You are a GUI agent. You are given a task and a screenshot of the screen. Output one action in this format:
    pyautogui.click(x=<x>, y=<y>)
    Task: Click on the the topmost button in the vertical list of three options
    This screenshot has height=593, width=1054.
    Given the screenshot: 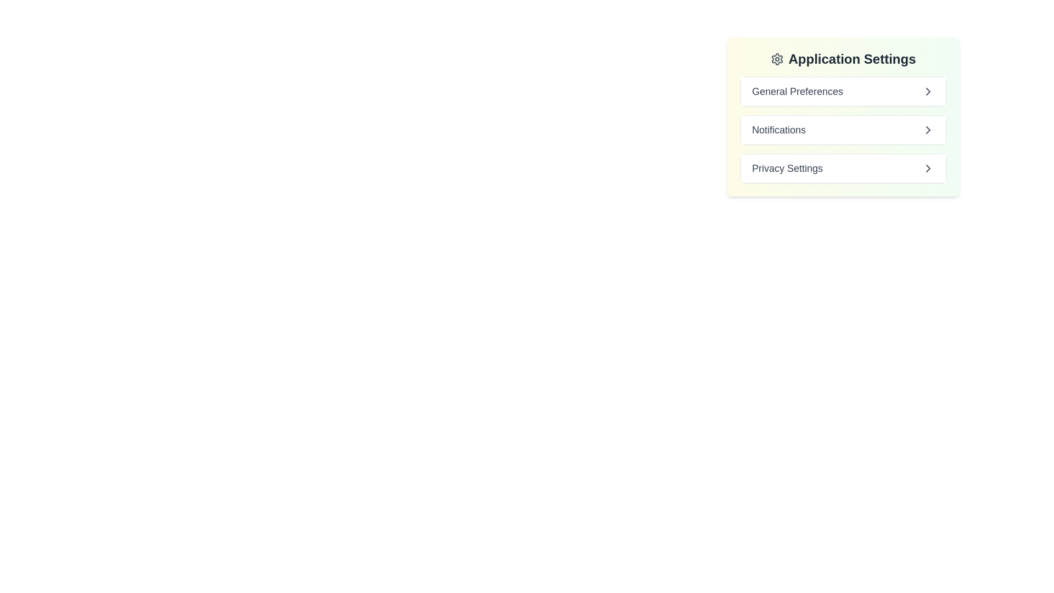 What is the action you would take?
    pyautogui.click(x=843, y=91)
    